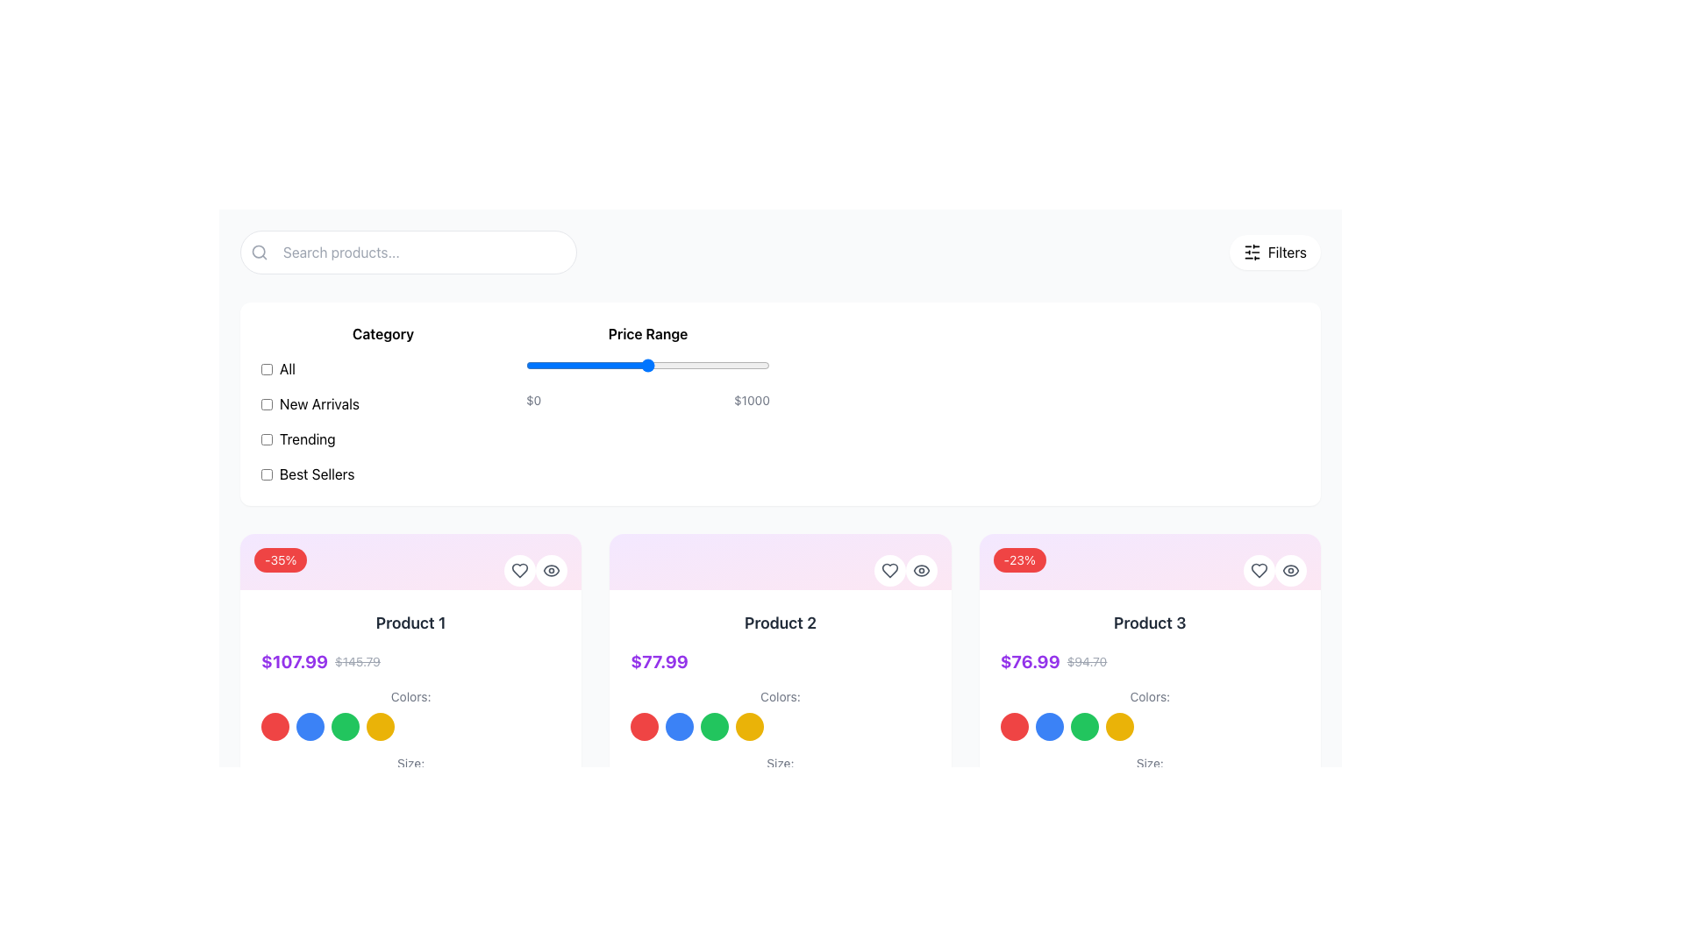 This screenshot has height=947, width=1684. What do you see at coordinates (307, 438) in the screenshot?
I see `the 'Trending' text label located in the vertical list of category filters on the left side of the interface` at bounding box center [307, 438].